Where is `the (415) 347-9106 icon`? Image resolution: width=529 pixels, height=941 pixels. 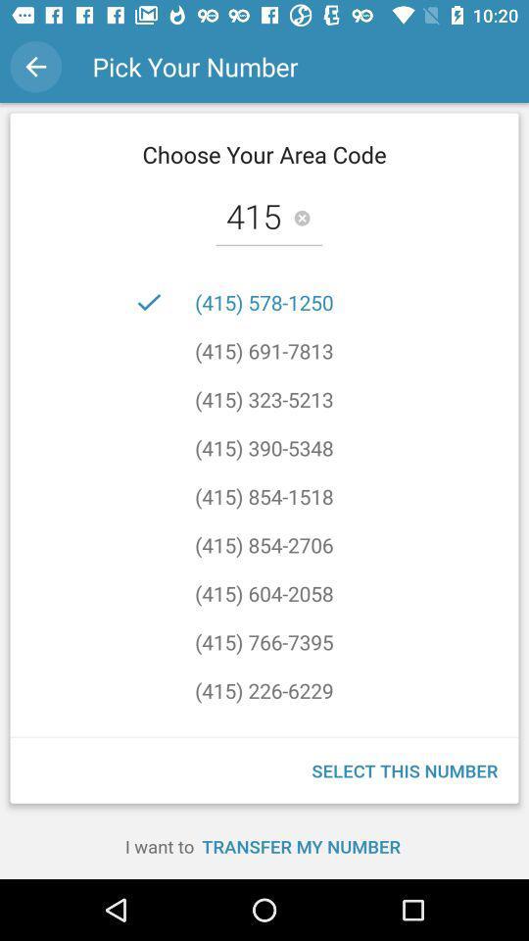 the (415) 347-9106 icon is located at coordinates (264, 714).